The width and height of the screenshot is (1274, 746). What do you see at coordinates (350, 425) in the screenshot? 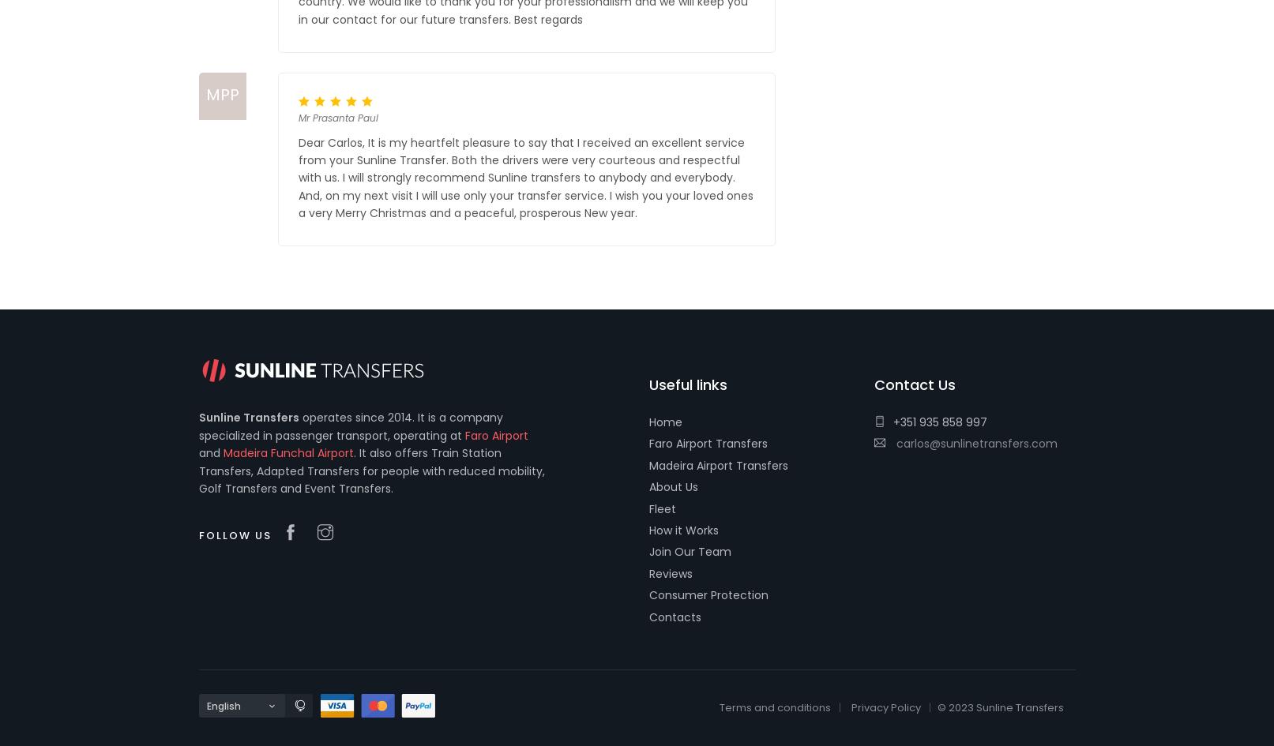
I see `'operates since 2014.
It is a company specialized in passenger transport, operating at'` at bounding box center [350, 425].